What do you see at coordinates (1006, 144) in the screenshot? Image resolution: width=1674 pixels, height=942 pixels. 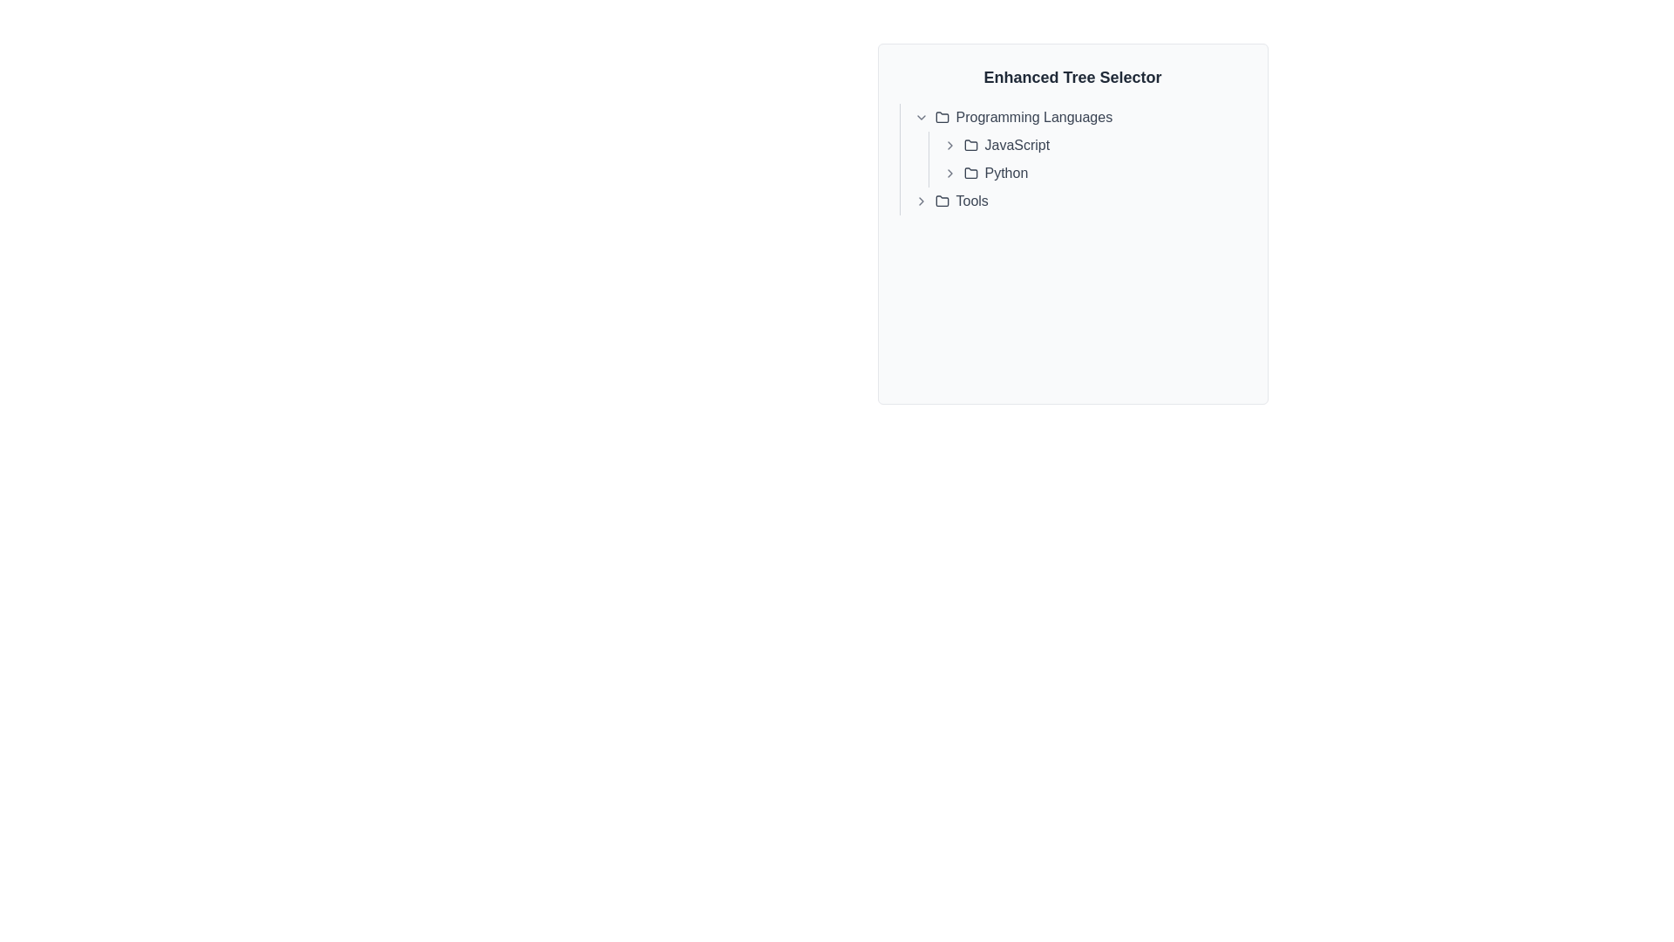 I see `the selectable item for 'JavaScript' in the tree view interface located under the 'Programming Languages' section` at bounding box center [1006, 144].